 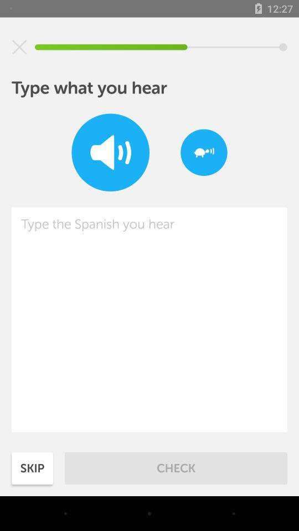 What do you see at coordinates (149, 320) in the screenshot?
I see `text` at bounding box center [149, 320].